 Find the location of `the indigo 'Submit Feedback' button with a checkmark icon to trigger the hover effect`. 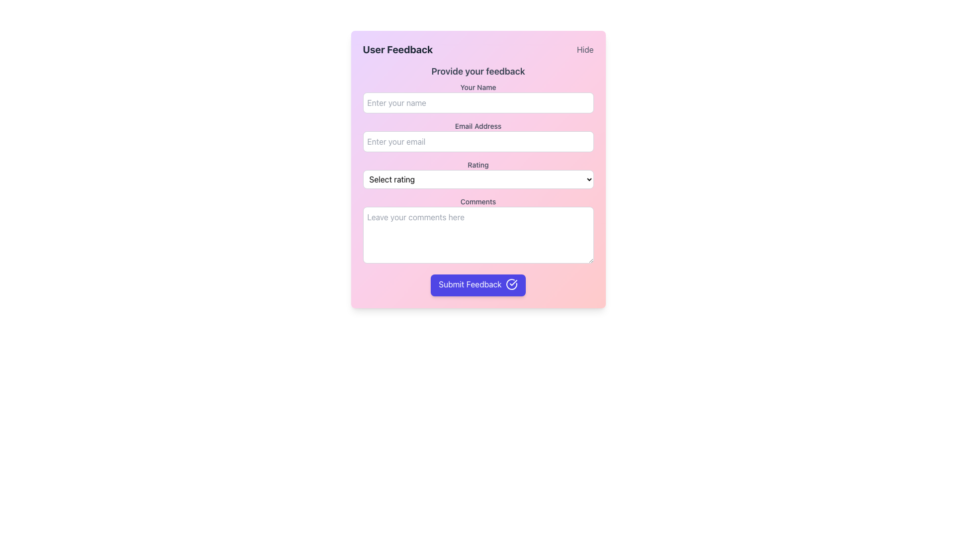

the indigo 'Submit Feedback' button with a checkmark icon to trigger the hover effect is located at coordinates (478, 285).